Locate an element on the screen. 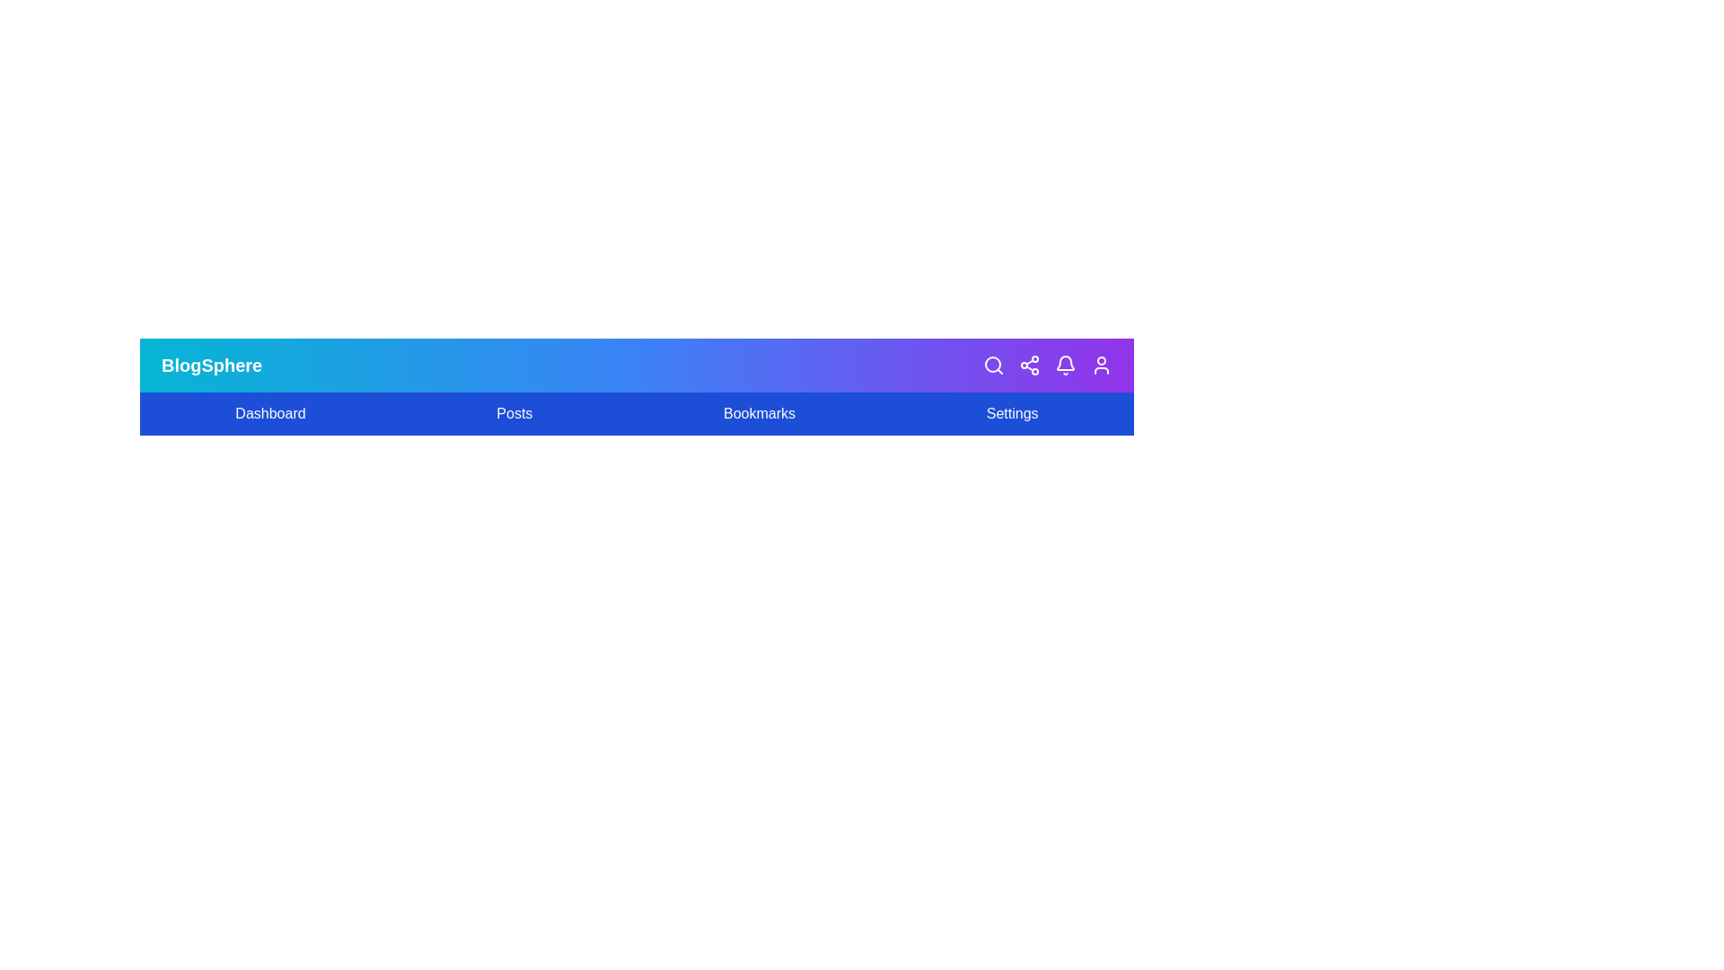  the search icon to initiate a search action is located at coordinates (993, 365).